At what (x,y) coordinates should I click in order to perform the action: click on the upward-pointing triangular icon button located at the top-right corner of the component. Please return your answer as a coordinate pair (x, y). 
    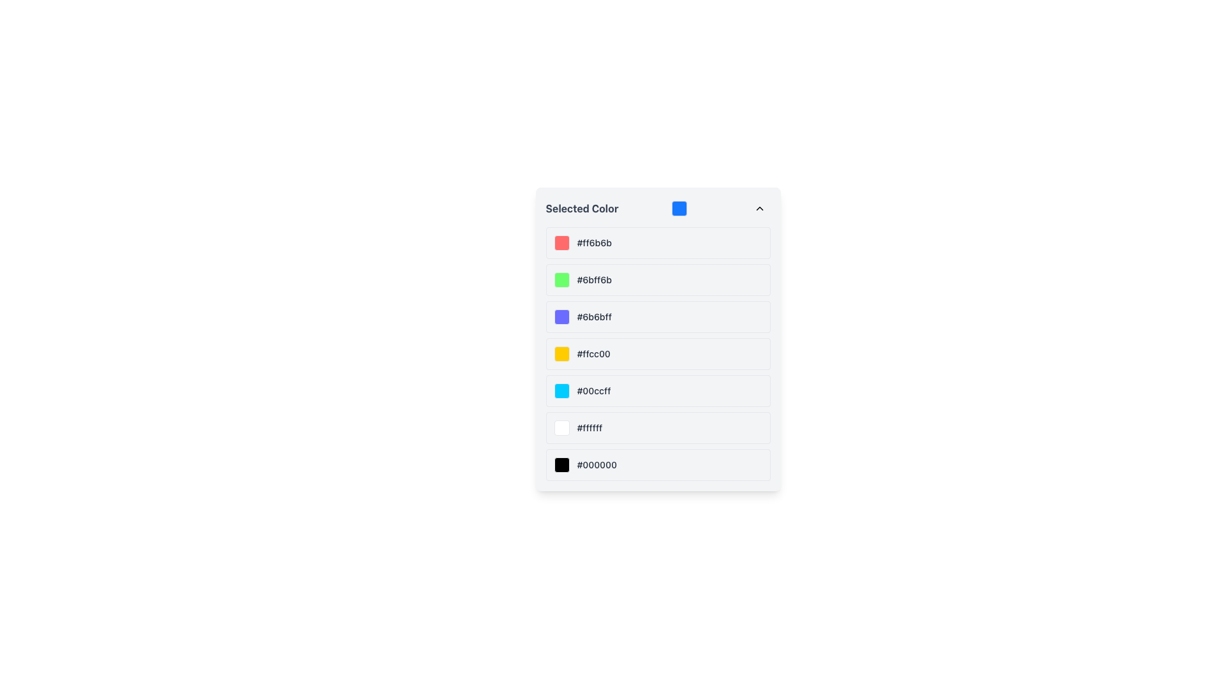
    Looking at the image, I should click on (759, 208).